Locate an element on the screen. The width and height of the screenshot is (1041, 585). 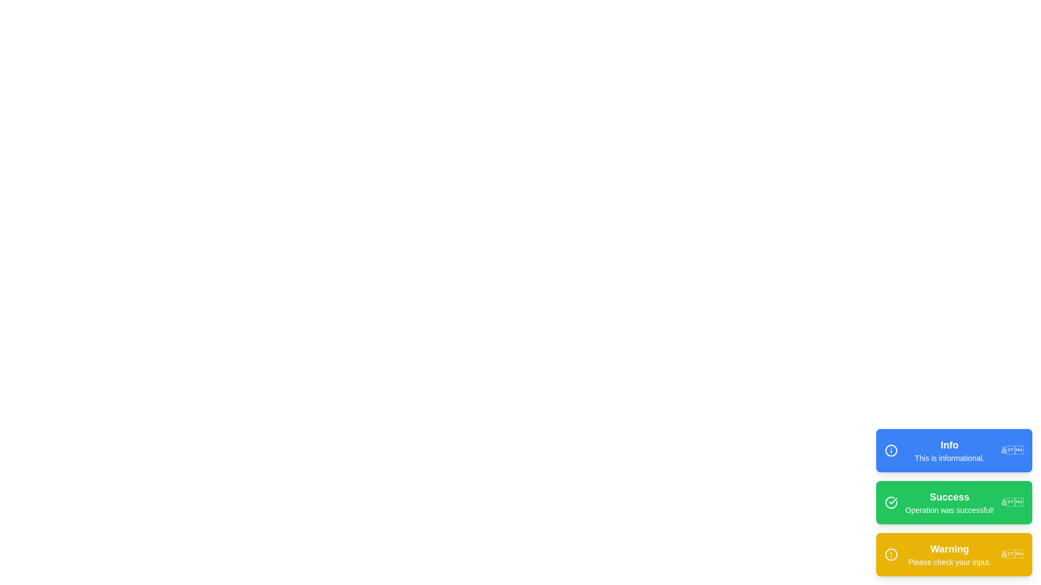
informational text label that provides additional context about the 'Info' notification, located in the top blue section of the notification boxes is located at coordinates (949, 458).